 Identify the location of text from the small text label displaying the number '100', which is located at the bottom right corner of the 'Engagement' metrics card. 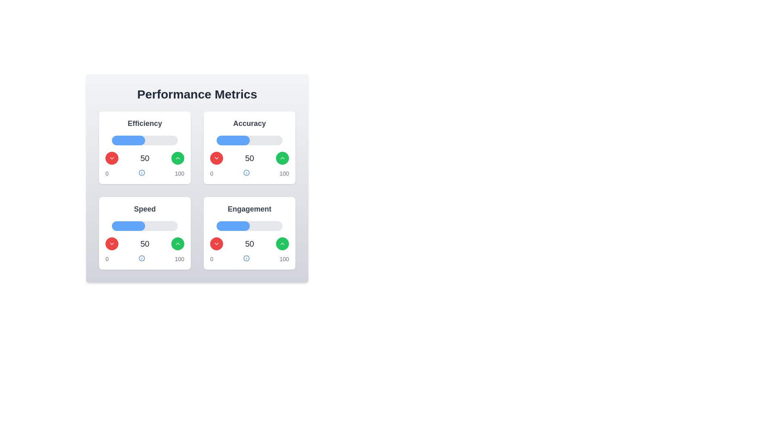
(284, 259).